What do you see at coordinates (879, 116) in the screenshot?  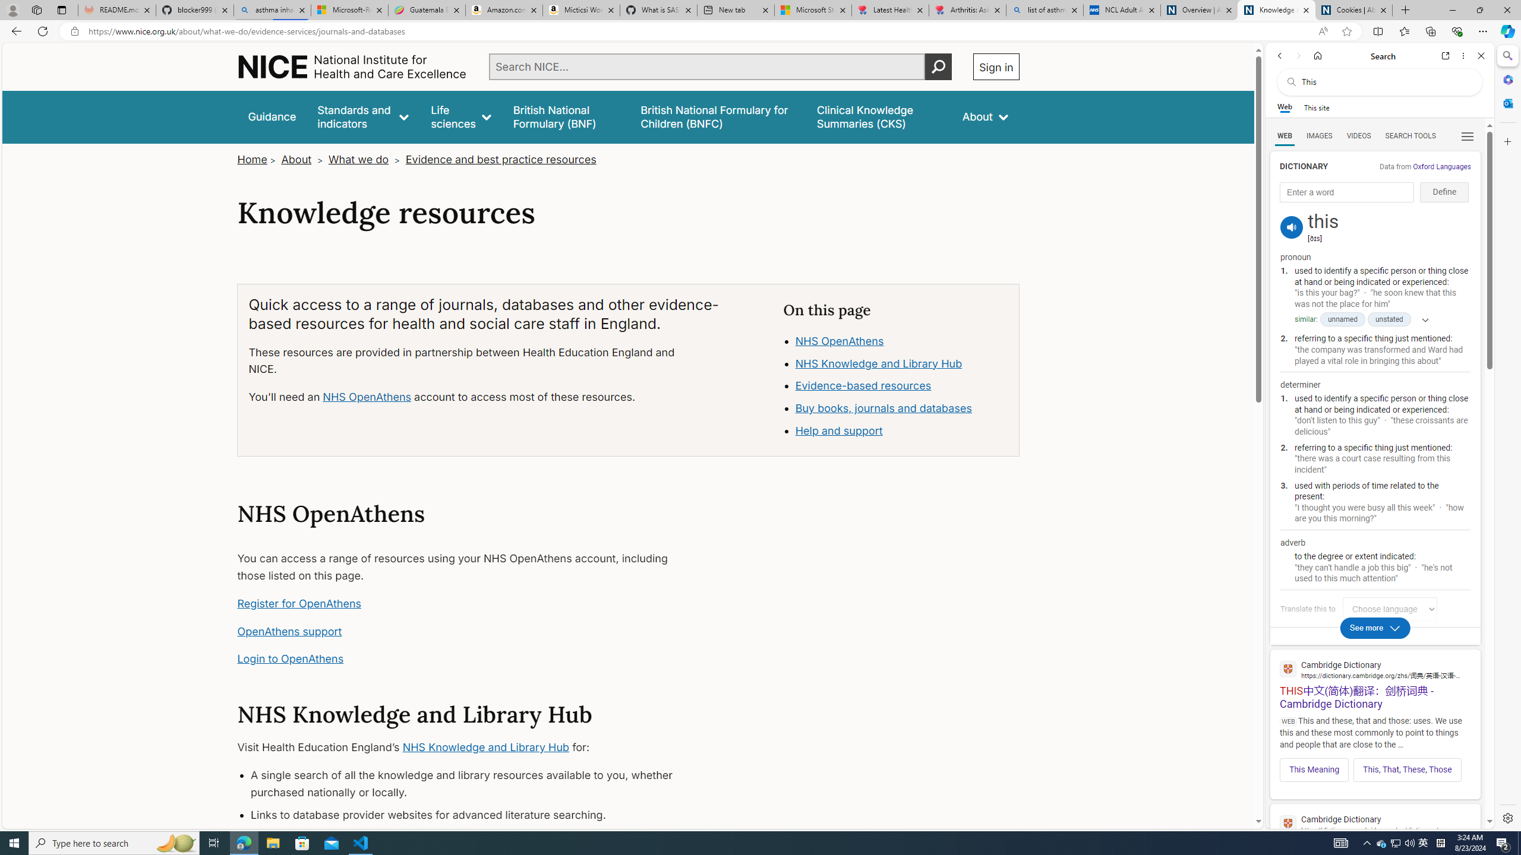 I see `'false'` at bounding box center [879, 116].